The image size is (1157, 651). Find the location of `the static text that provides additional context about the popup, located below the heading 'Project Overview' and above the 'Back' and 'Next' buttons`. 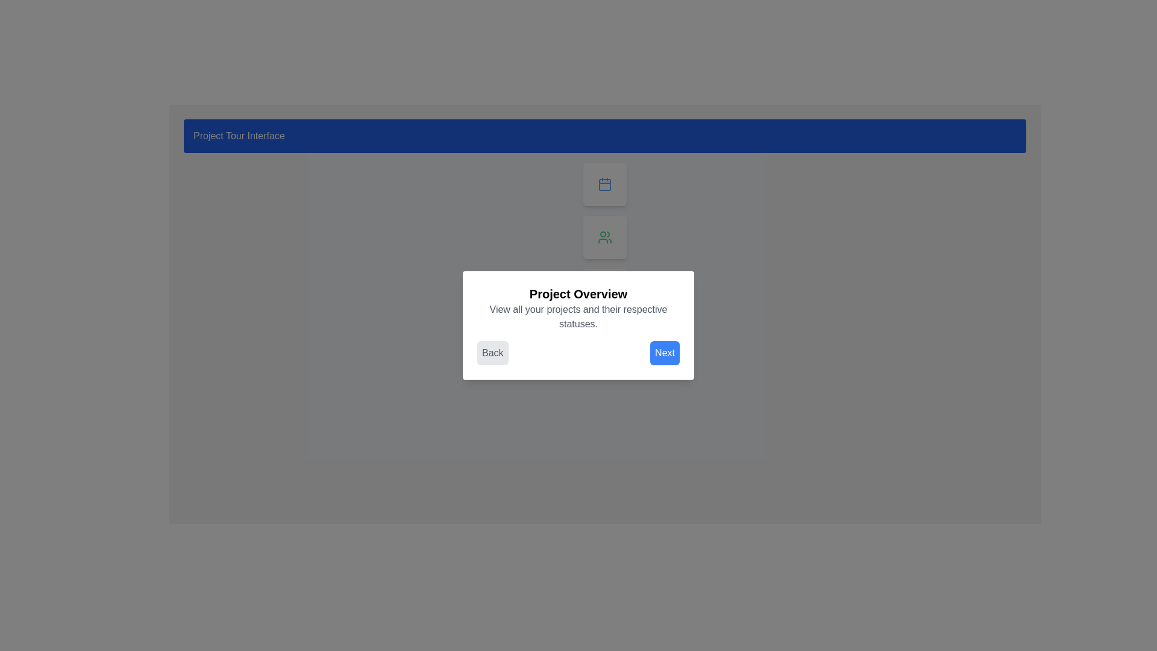

the static text that provides additional context about the popup, located below the heading 'Project Overview' and above the 'Back' and 'Next' buttons is located at coordinates (578, 316).